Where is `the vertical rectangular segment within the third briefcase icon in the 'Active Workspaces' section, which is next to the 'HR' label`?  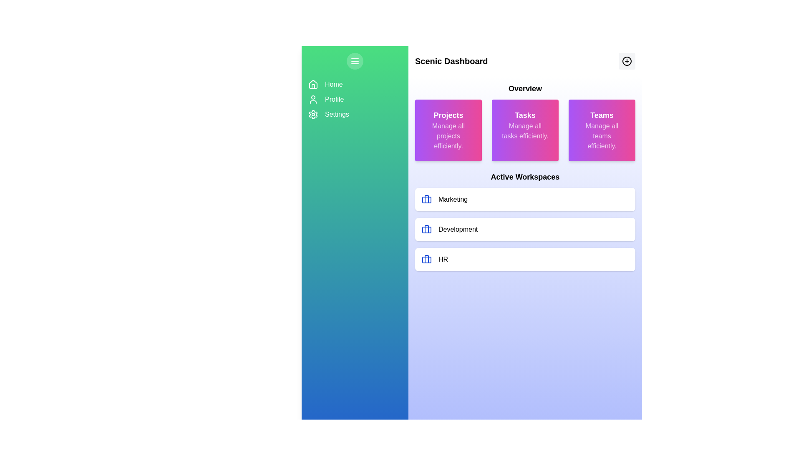 the vertical rectangular segment within the third briefcase icon in the 'Active Workspaces' section, which is next to the 'HR' label is located at coordinates (426, 258).